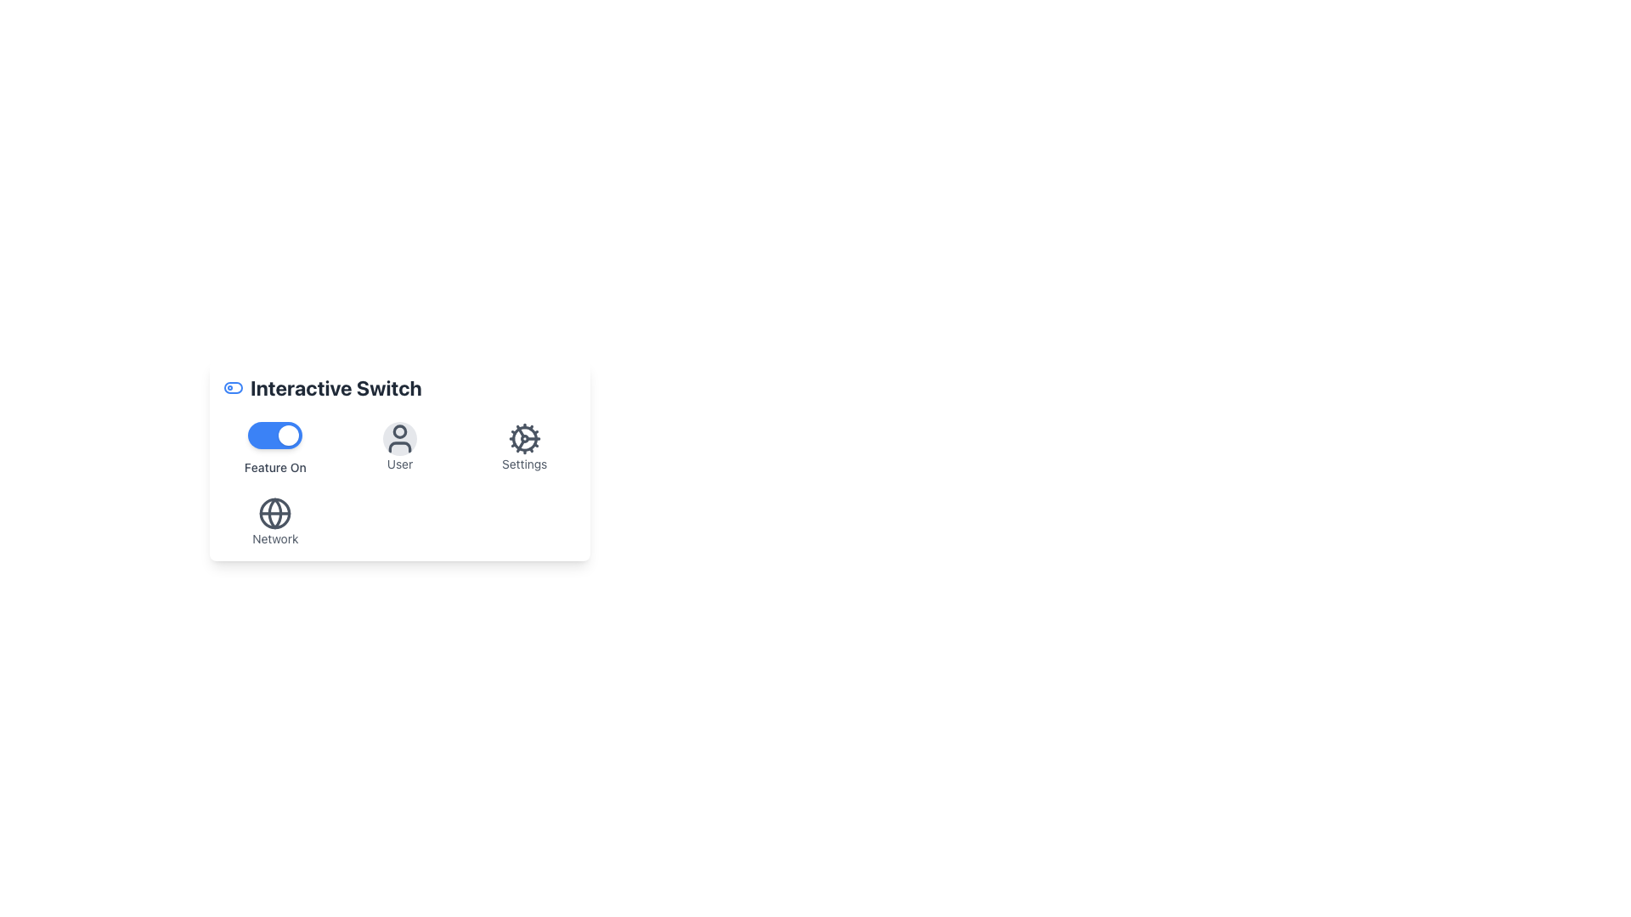 The image size is (1631, 917). Describe the element at coordinates (398, 437) in the screenshot. I see `the circular user icon with a white background and gray border, which features an outline of a person, located centrally above the text label 'User'` at that location.